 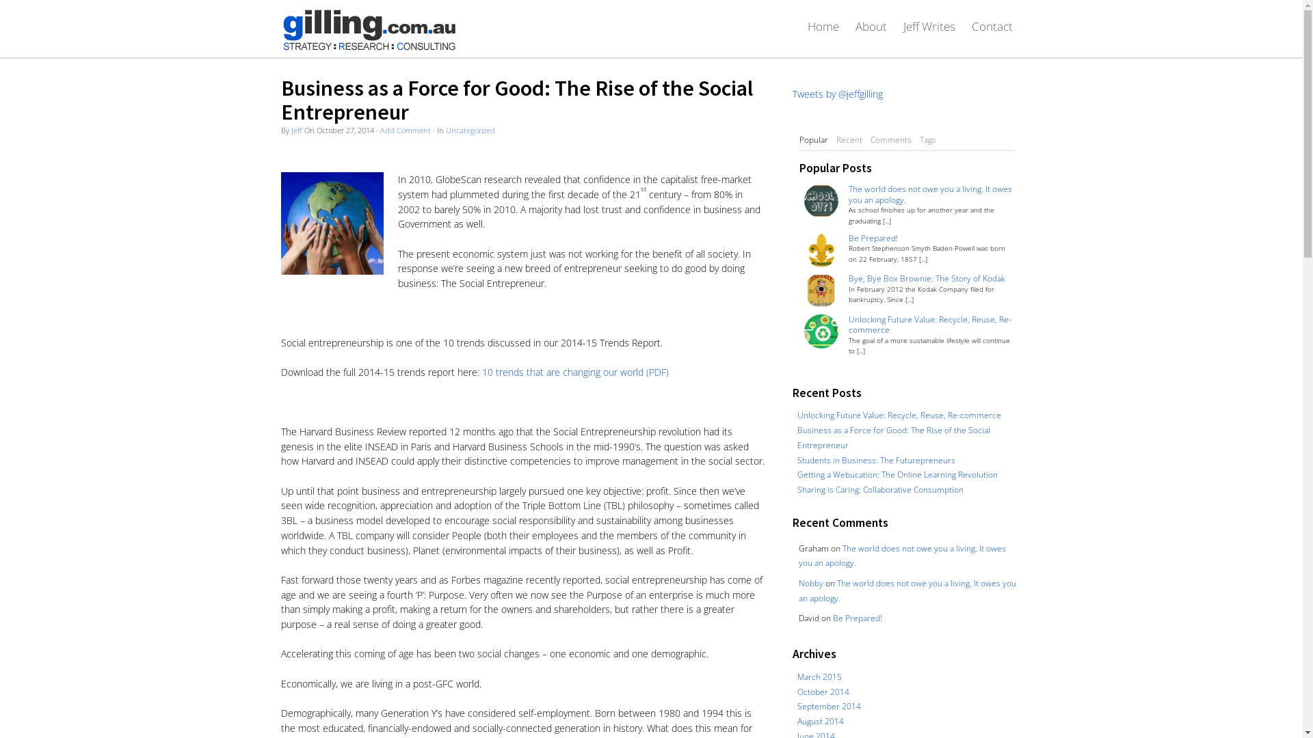 I want to click on 'About', so click(x=869, y=26).